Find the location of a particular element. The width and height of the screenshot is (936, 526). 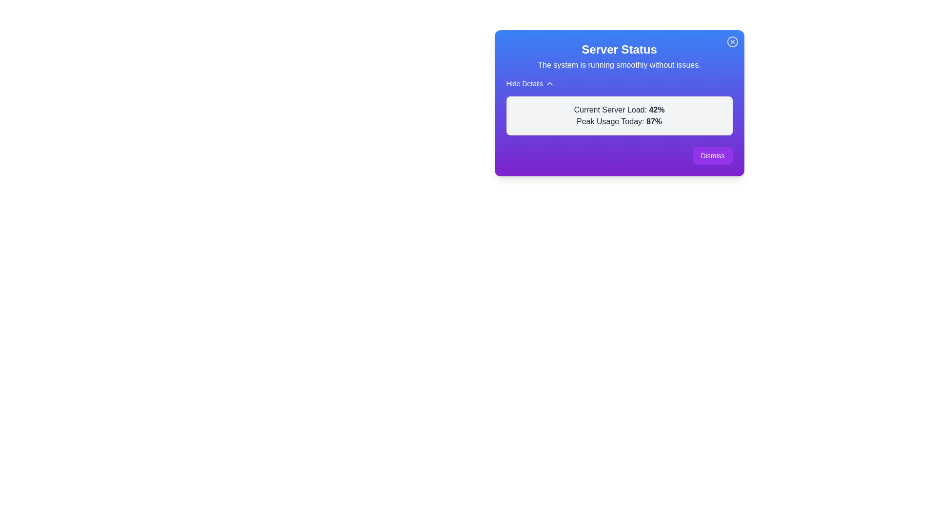

the 'Hide Details' button to toggle the visibility of the details is located at coordinates (530, 83).